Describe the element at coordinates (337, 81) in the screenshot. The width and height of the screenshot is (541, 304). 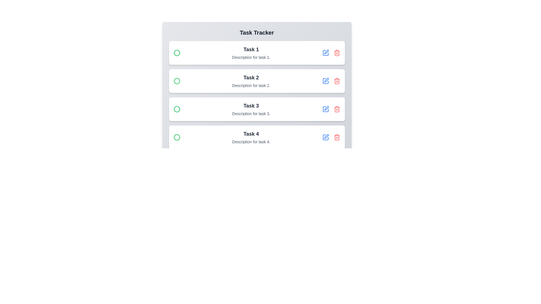
I see `the delete button for task 2` at that location.